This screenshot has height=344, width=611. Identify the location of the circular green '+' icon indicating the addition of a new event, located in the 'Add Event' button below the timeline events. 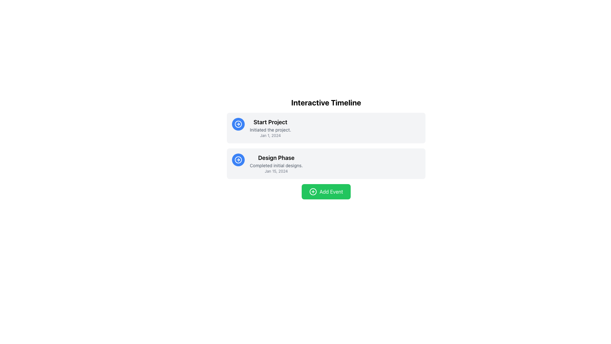
(313, 191).